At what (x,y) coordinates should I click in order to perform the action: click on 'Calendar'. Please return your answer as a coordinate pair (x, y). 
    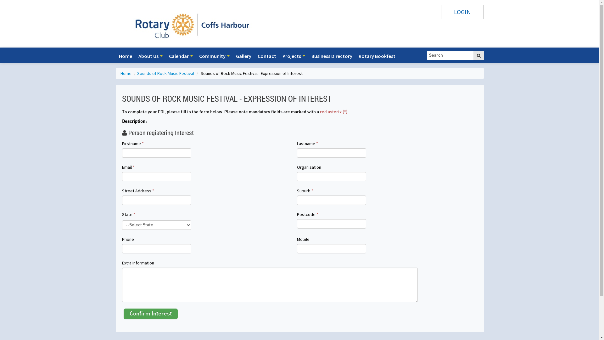
    Looking at the image, I should click on (165, 55).